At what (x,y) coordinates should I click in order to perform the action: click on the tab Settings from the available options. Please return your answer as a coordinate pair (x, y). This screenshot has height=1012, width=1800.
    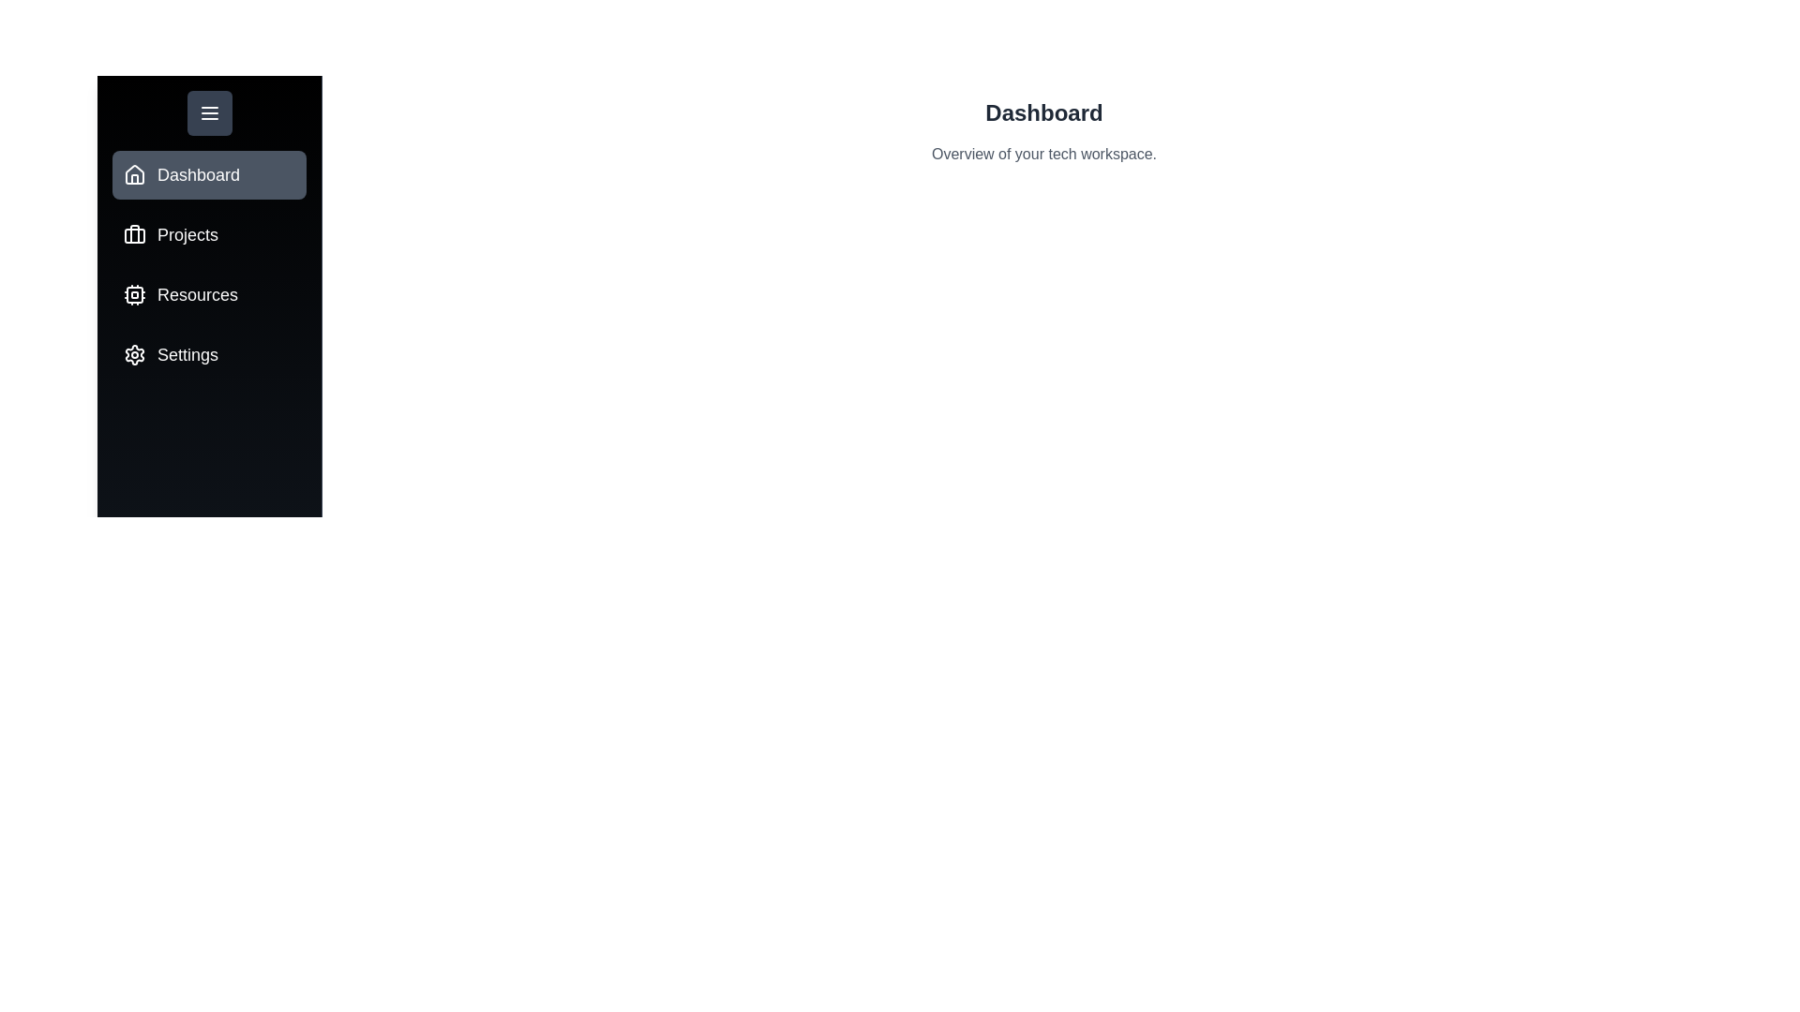
    Looking at the image, I should click on (209, 354).